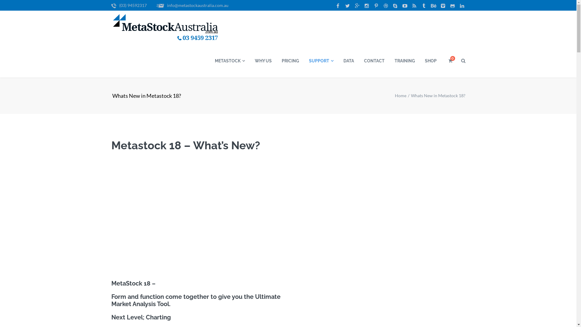 The image size is (581, 327). Describe the element at coordinates (166, 28) in the screenshot. I see `'Logo'` at that location.